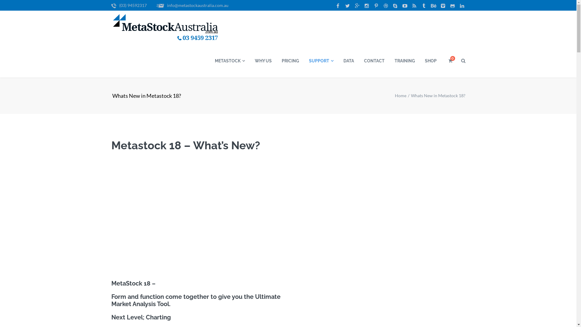 The image size is (581, 327). Describe the element at coordinates (166, 28) in the screenshot. I see `'Logo'` at that location.